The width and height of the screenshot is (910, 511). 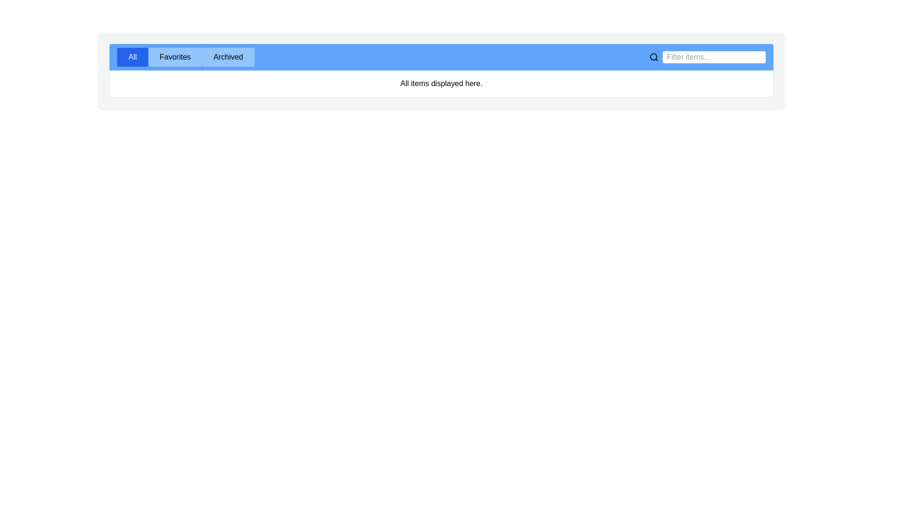 I want to click on the search icon to focus on the input field, so click(x=654, y=57).